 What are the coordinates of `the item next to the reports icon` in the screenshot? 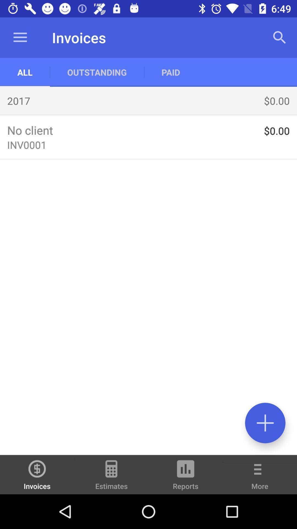 It's located at (260, 478).